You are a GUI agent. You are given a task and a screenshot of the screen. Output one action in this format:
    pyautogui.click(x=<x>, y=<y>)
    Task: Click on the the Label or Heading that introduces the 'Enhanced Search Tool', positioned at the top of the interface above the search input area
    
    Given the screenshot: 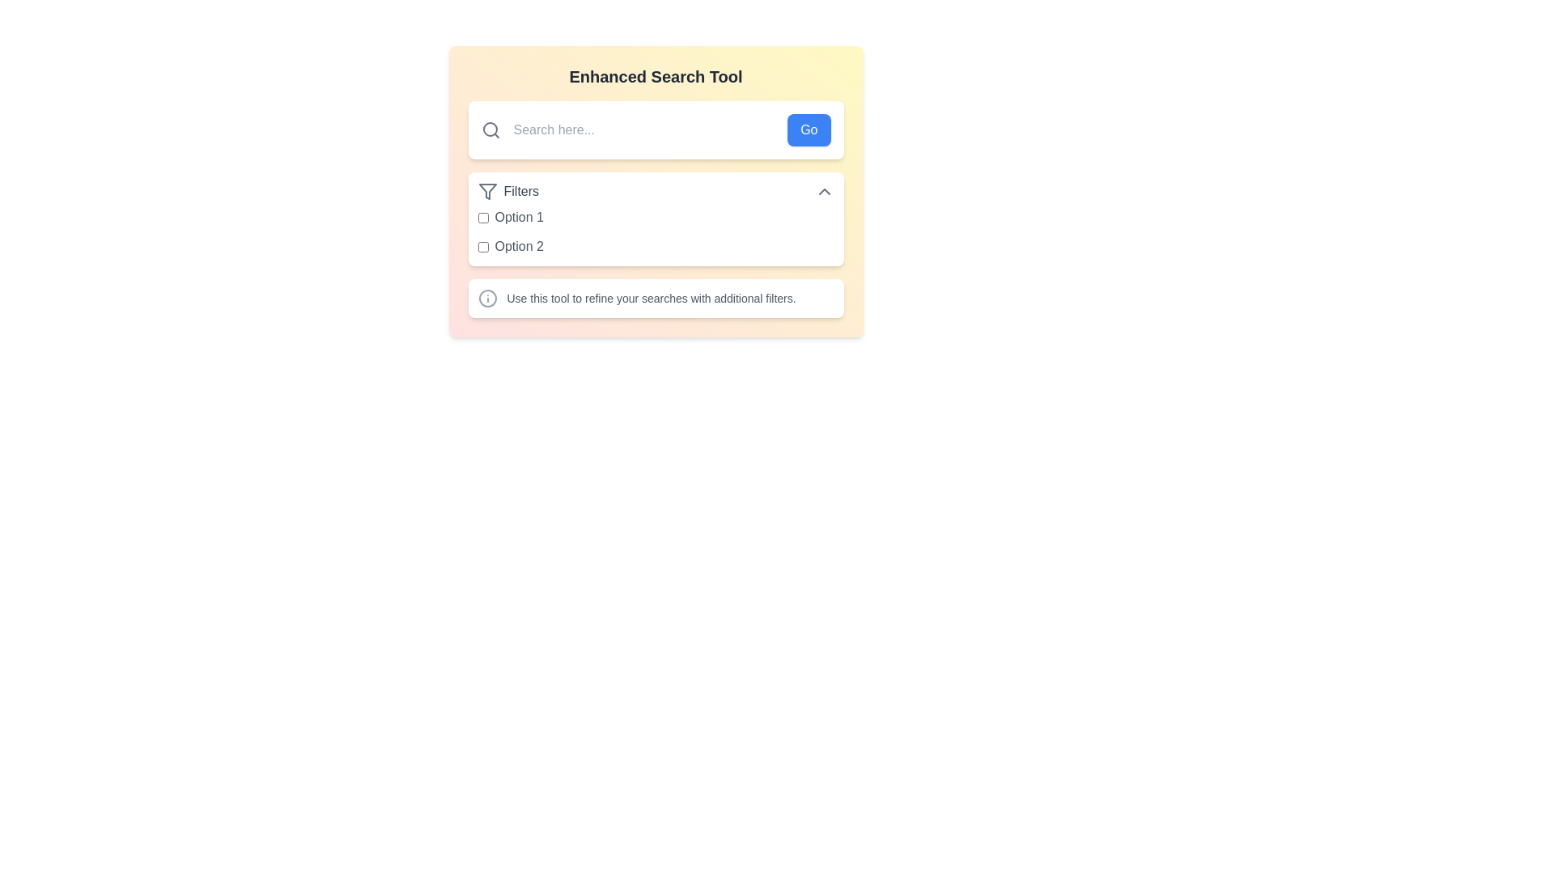 What is the action you would take?
    pyautogui.click(x=656, y=77)
    